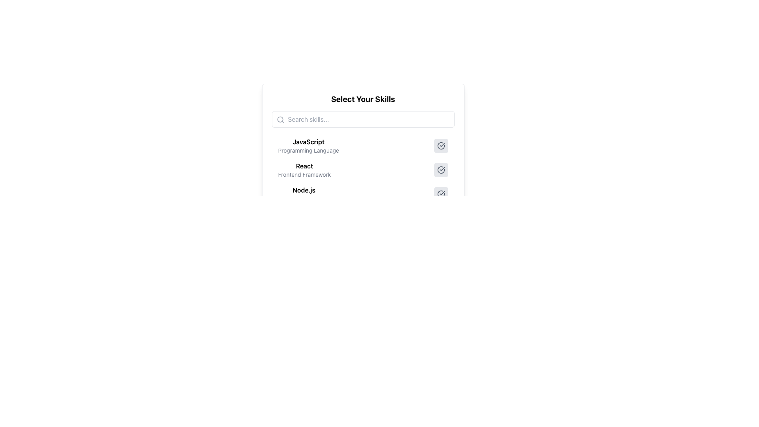 This screenshot has height=427, width=759. What do you see at coordinates (363, 177) in the screenshot?
I see `the second skill item in the skill selection list` at bounding box center [363, 177].